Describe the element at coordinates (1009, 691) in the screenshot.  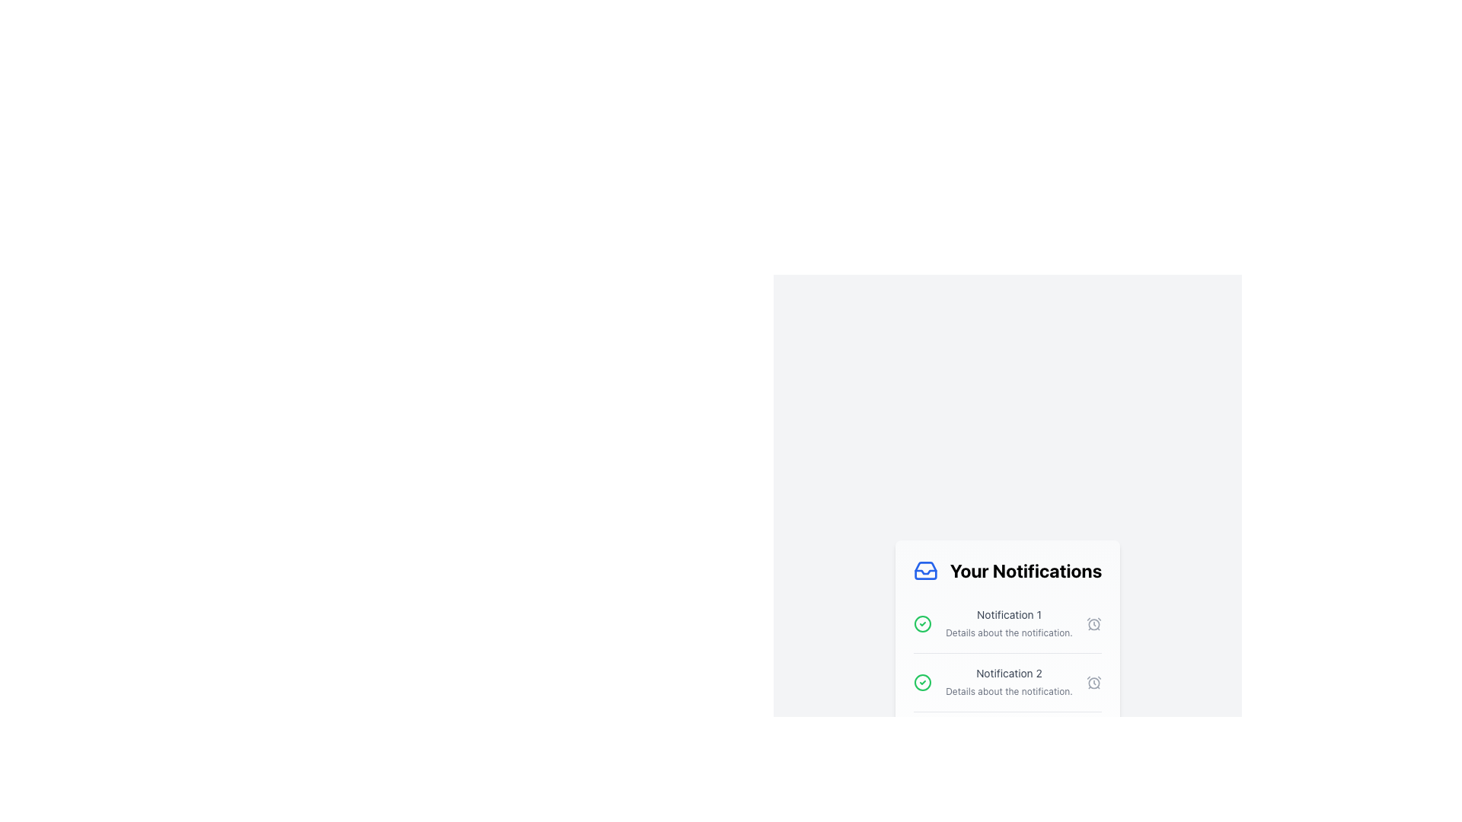
I see `the informational text element located below 'Notification 2' in the notification list under 'Your Notifications'` at that location.